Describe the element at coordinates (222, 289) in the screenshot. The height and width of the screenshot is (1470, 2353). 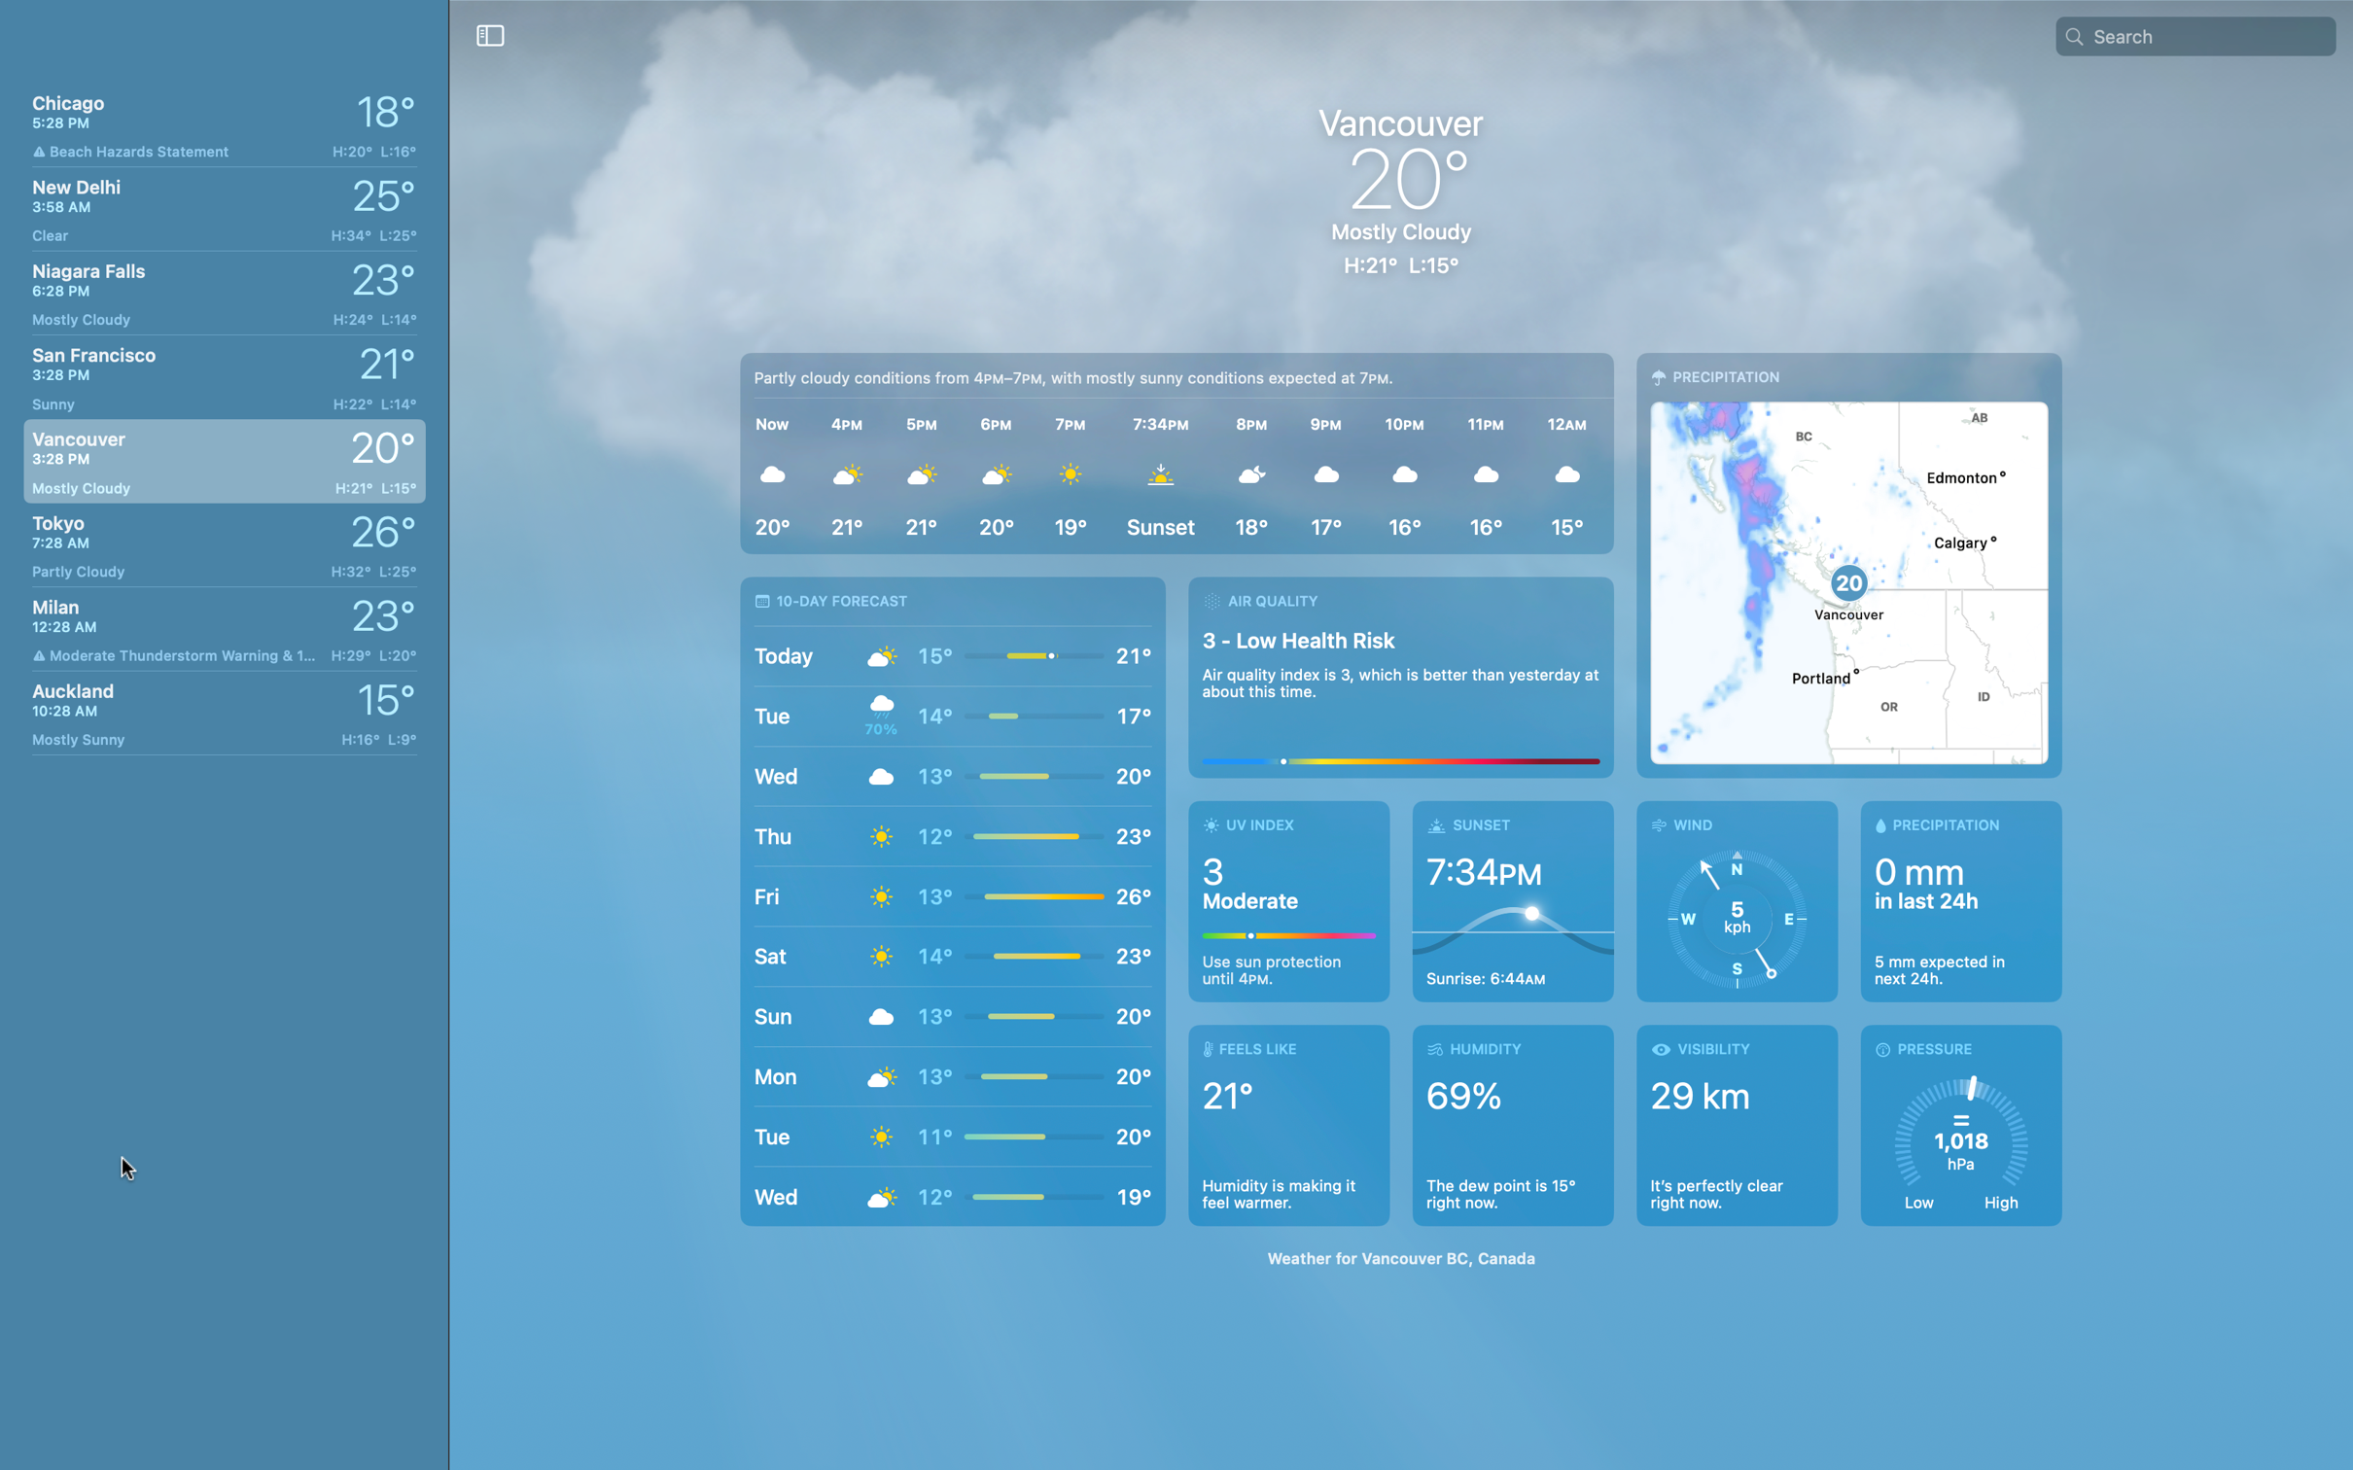
I see `What is the climate at Niagara Falls` at that location.